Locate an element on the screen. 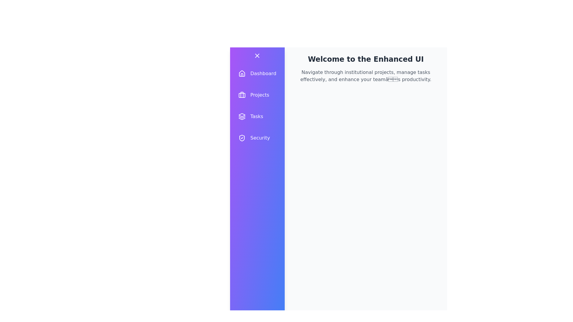 Image resolution: width=573 pixels, height=322 pixels. the 'Dashboard' Navigation button, which features a house-shaped icon and is the first entry in the vertical navigation list is located at coordinates (257, 73).